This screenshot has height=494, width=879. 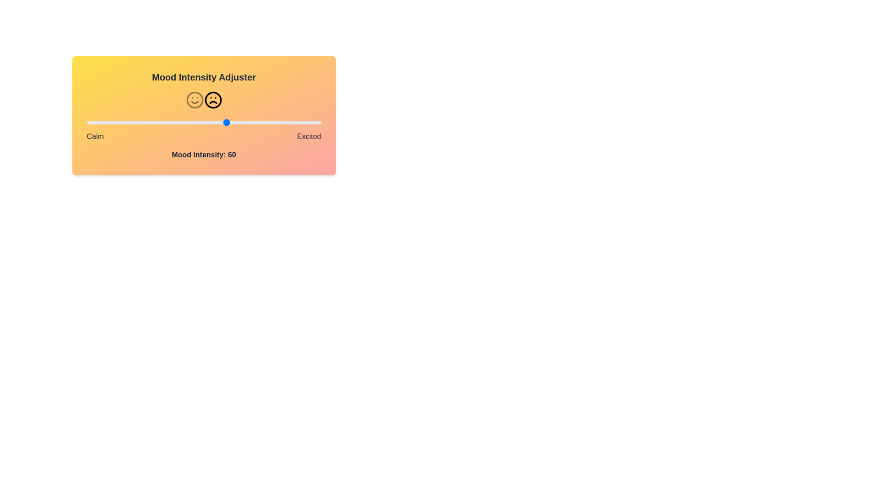 What do you see at coordinates (307, 122) in the screenshot?
I see `the mood intensity slider to 94 (0 to 100)` at bounding box center [307, 122].